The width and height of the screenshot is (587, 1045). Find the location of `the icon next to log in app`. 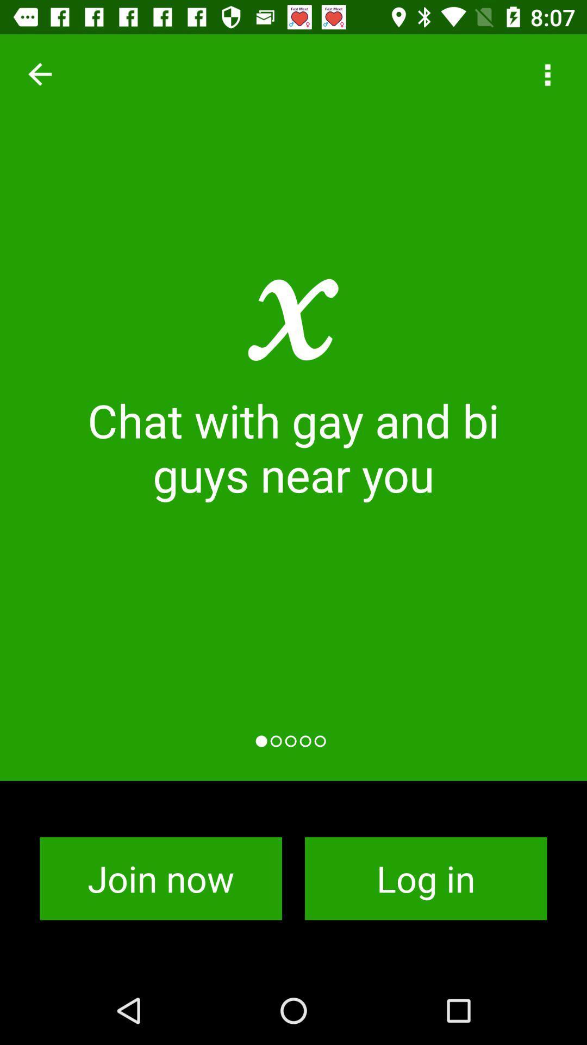

the icon next to log in app is located at coordinates (161, 878).